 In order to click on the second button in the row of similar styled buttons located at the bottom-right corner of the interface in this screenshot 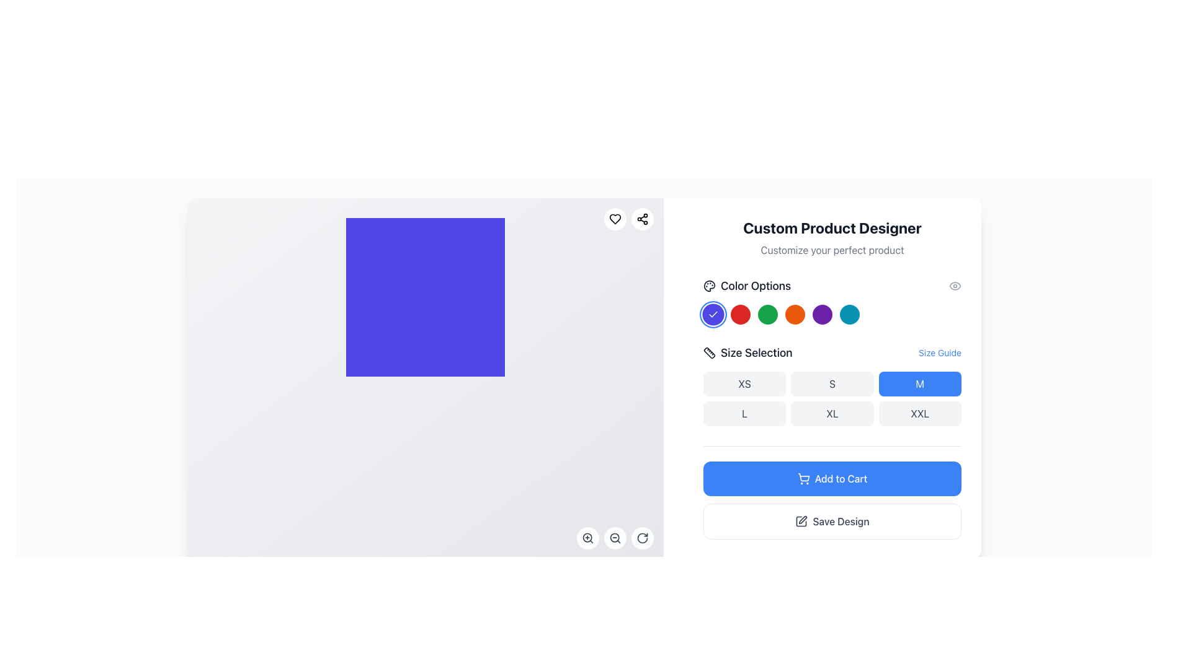, I will do `click(615, 537)`.